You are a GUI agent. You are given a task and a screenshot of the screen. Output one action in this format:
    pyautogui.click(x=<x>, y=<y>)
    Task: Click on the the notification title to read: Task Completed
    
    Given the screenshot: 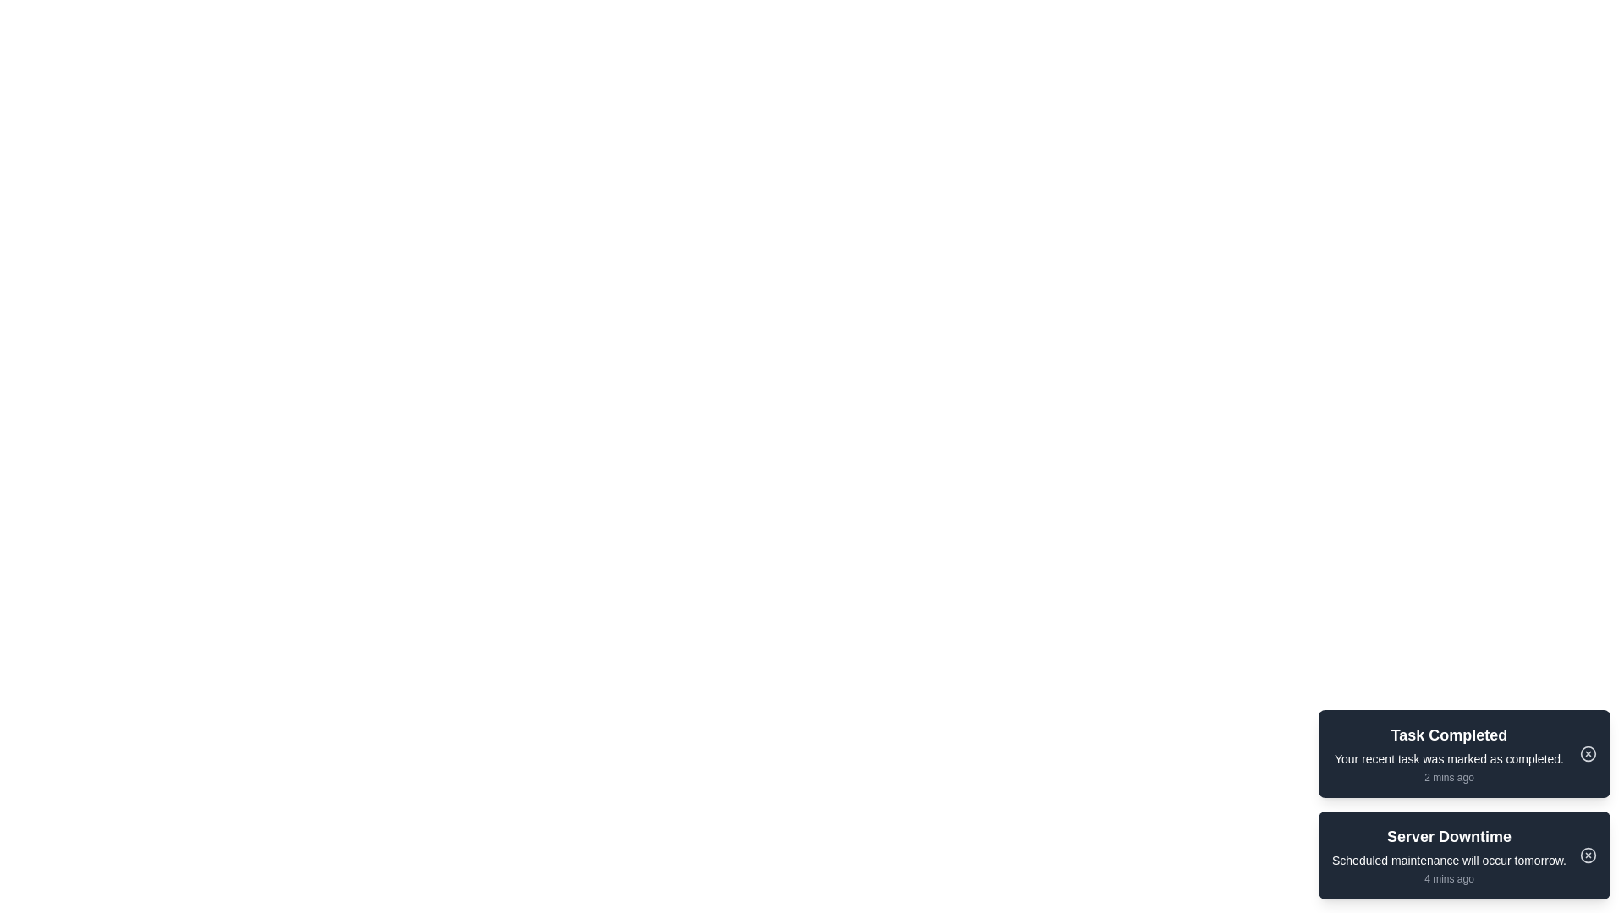 What is the action you would take?
    pyautogui.click(x=1448, y=735)
    